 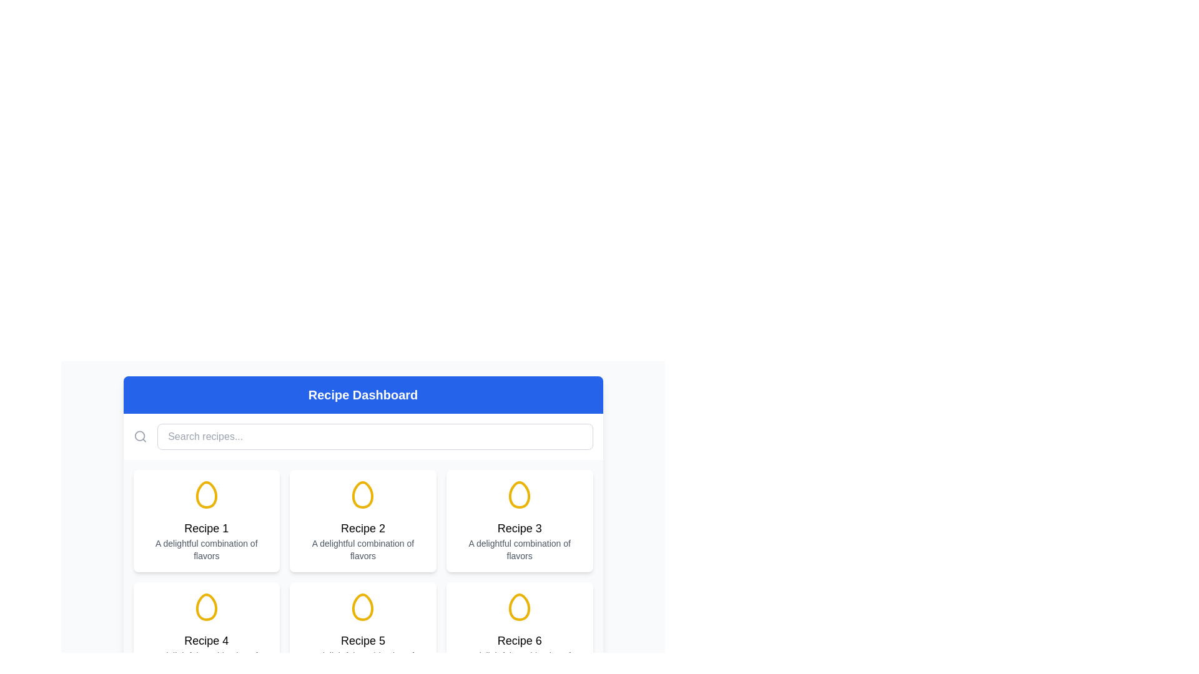 I want to click on the SVG icon representing 'Recipe 2' in the second card of the grid layout under the 'Recipe Dashboard' title, so click(x=362, y=494).